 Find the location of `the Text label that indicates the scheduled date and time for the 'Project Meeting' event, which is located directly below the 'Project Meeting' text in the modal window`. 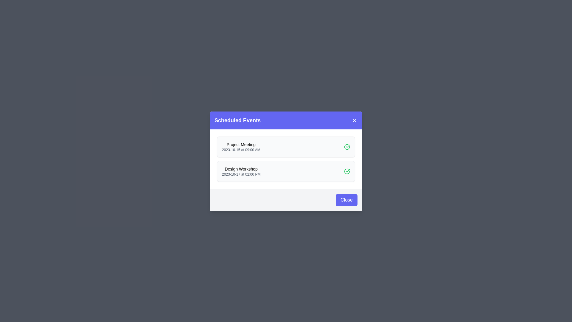

the Text label that indicates the scheduled date and time for the 'Project Meeting' event, which is located directly below the 'Project Meeting' text in the modal window is located at coordinates (241, 149).